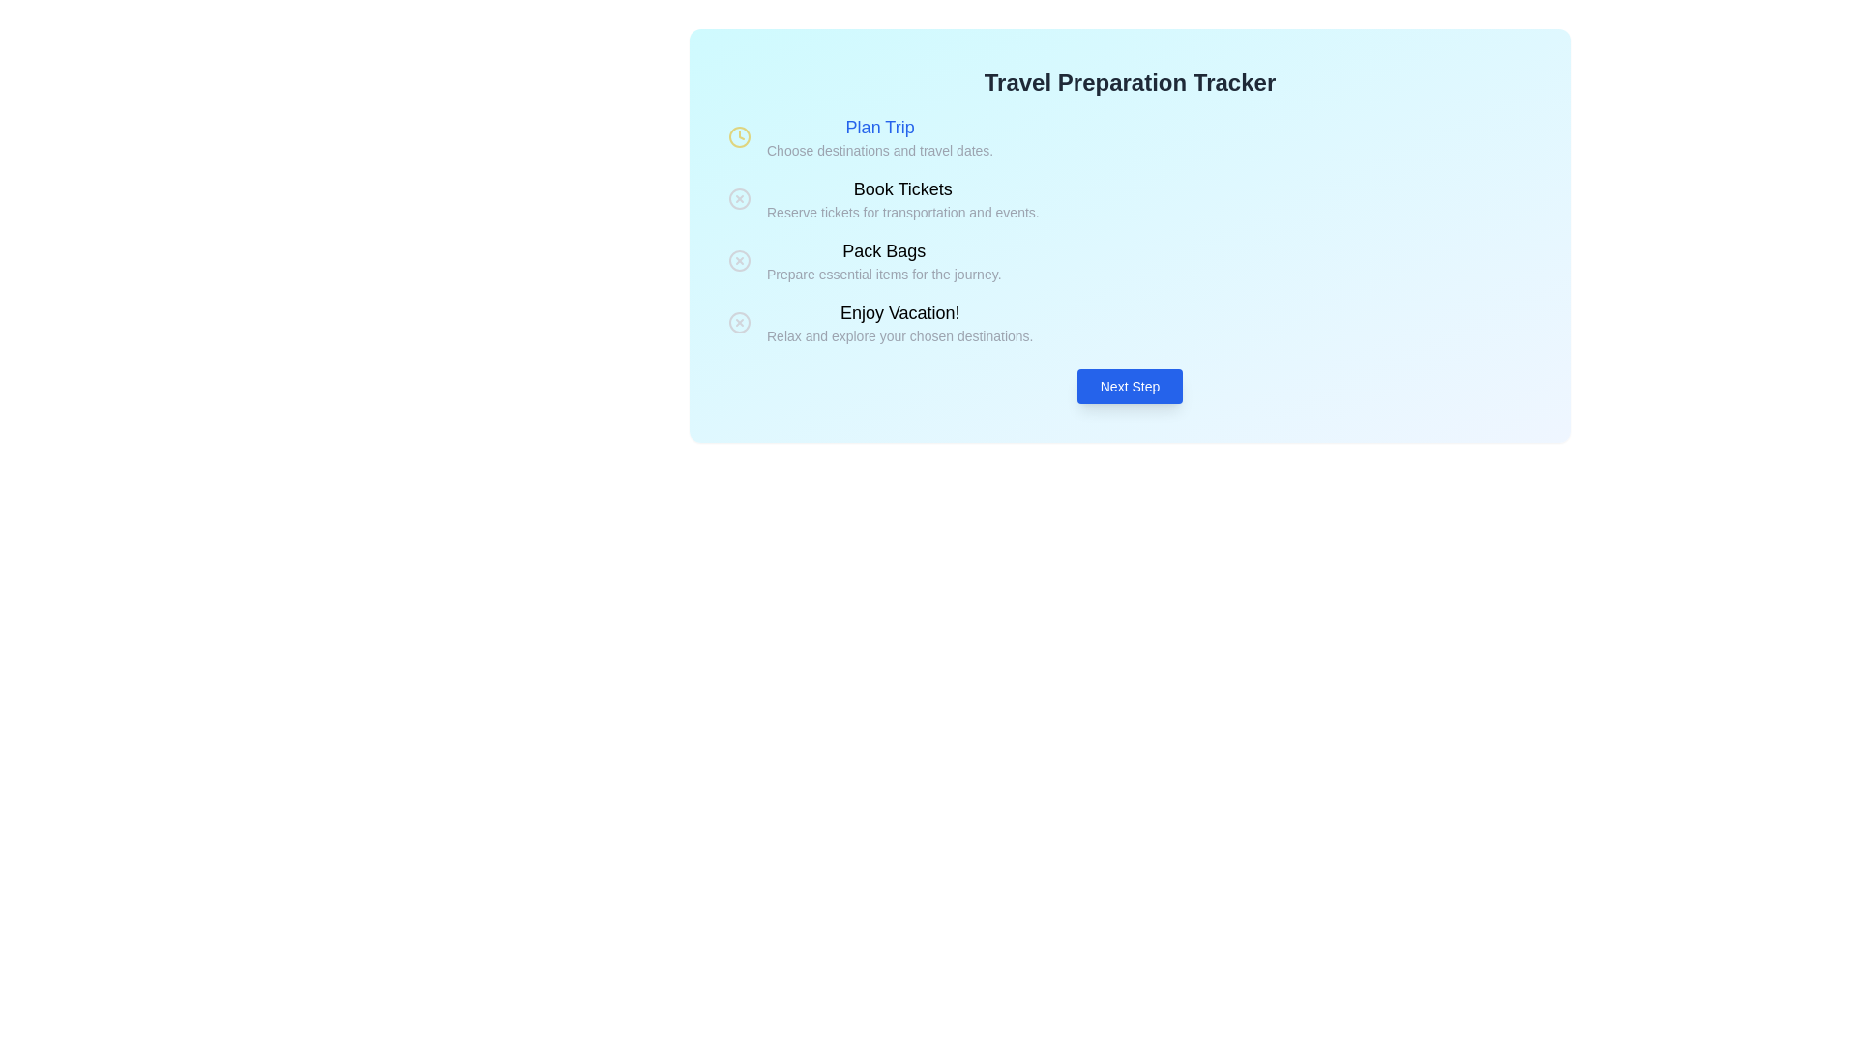 The image size is (1857, 1044). Describe the element at coordinates (1130, 198) in the screenshot. I see `the informational section about reserving tickets for transportation and events, which is the second item in the 'Travel Preparation Tracker' list` at that location.